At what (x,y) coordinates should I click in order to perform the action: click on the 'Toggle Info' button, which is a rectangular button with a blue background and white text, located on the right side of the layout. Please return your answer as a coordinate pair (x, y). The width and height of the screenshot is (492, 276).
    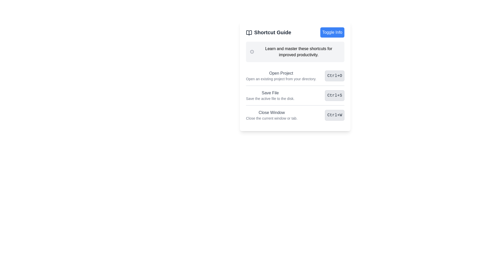
    Looking at the image, I should click on (332, 32).